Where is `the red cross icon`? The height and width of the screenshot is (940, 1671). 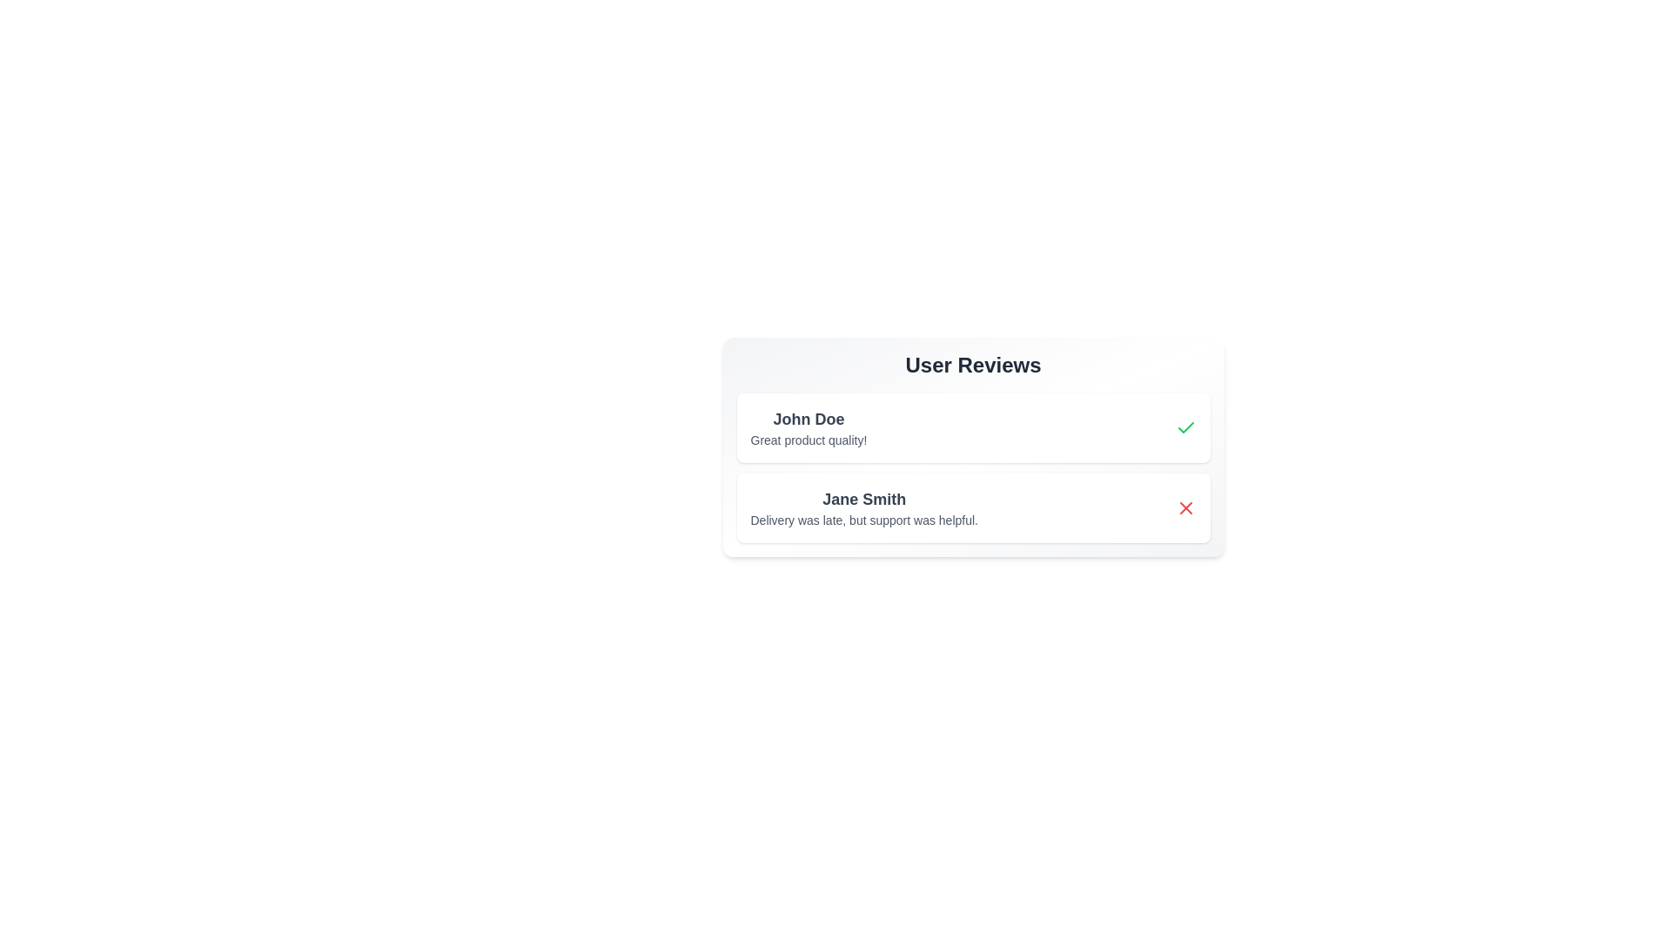 the red cross icon is located at coordinates (1184, 507).